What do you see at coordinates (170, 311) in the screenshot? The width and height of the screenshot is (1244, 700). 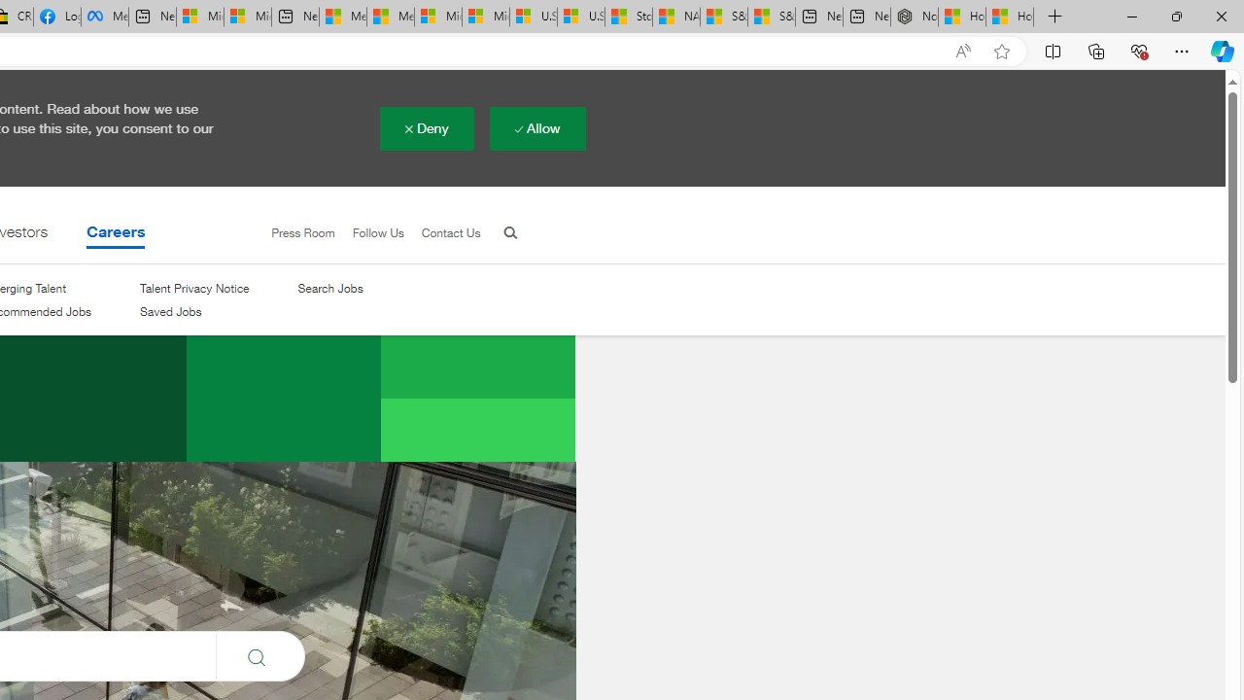 I see `'Saved Jobs'` at bounding box center [170, 311].